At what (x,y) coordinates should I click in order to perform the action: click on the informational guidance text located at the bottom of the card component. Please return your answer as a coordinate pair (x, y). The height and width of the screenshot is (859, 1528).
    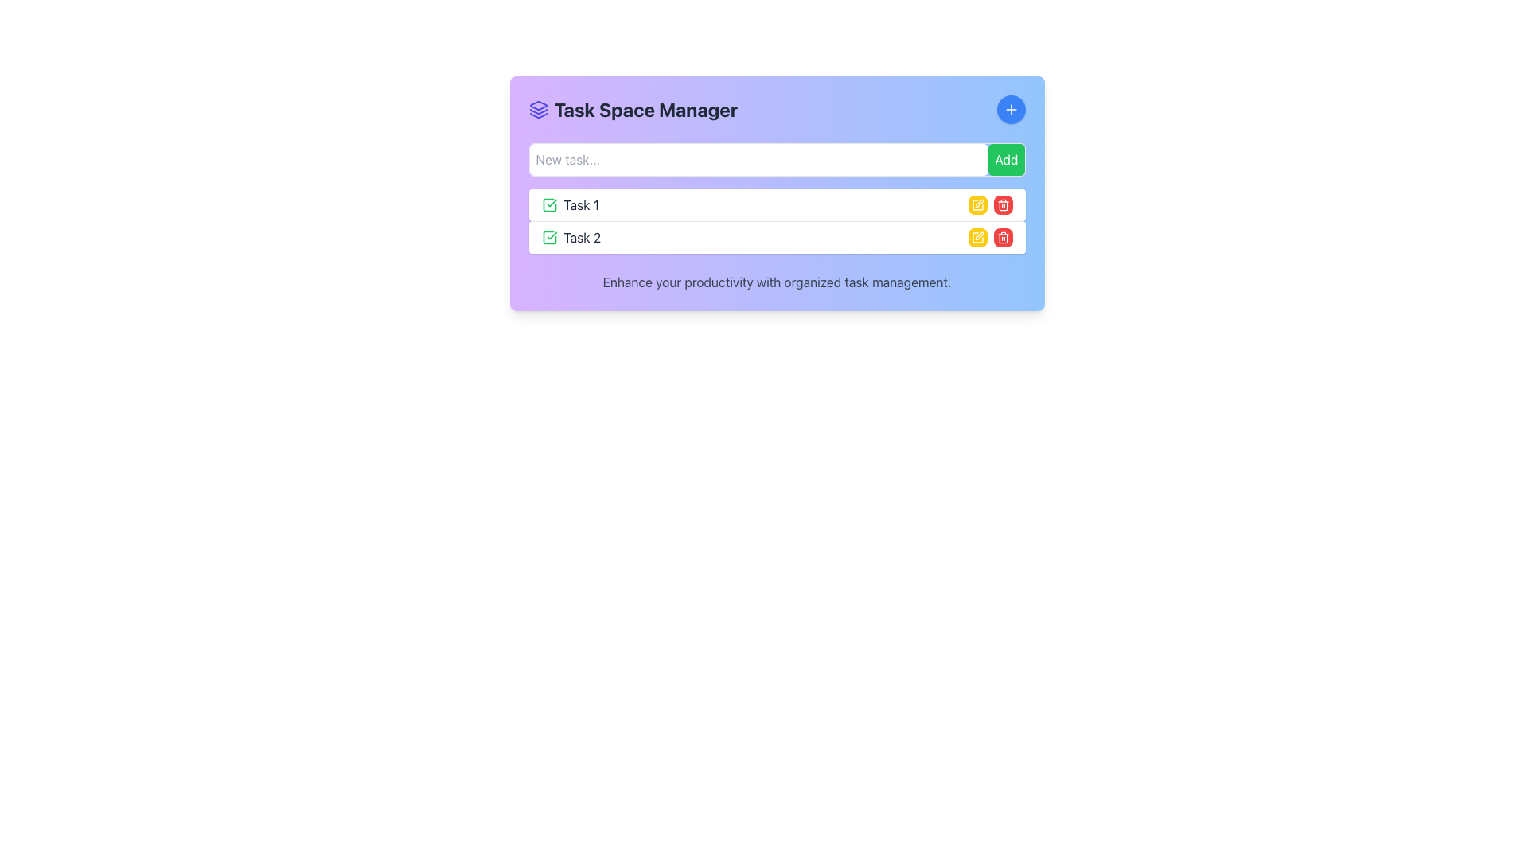
    Looking at the image, I should click on (777, 281).